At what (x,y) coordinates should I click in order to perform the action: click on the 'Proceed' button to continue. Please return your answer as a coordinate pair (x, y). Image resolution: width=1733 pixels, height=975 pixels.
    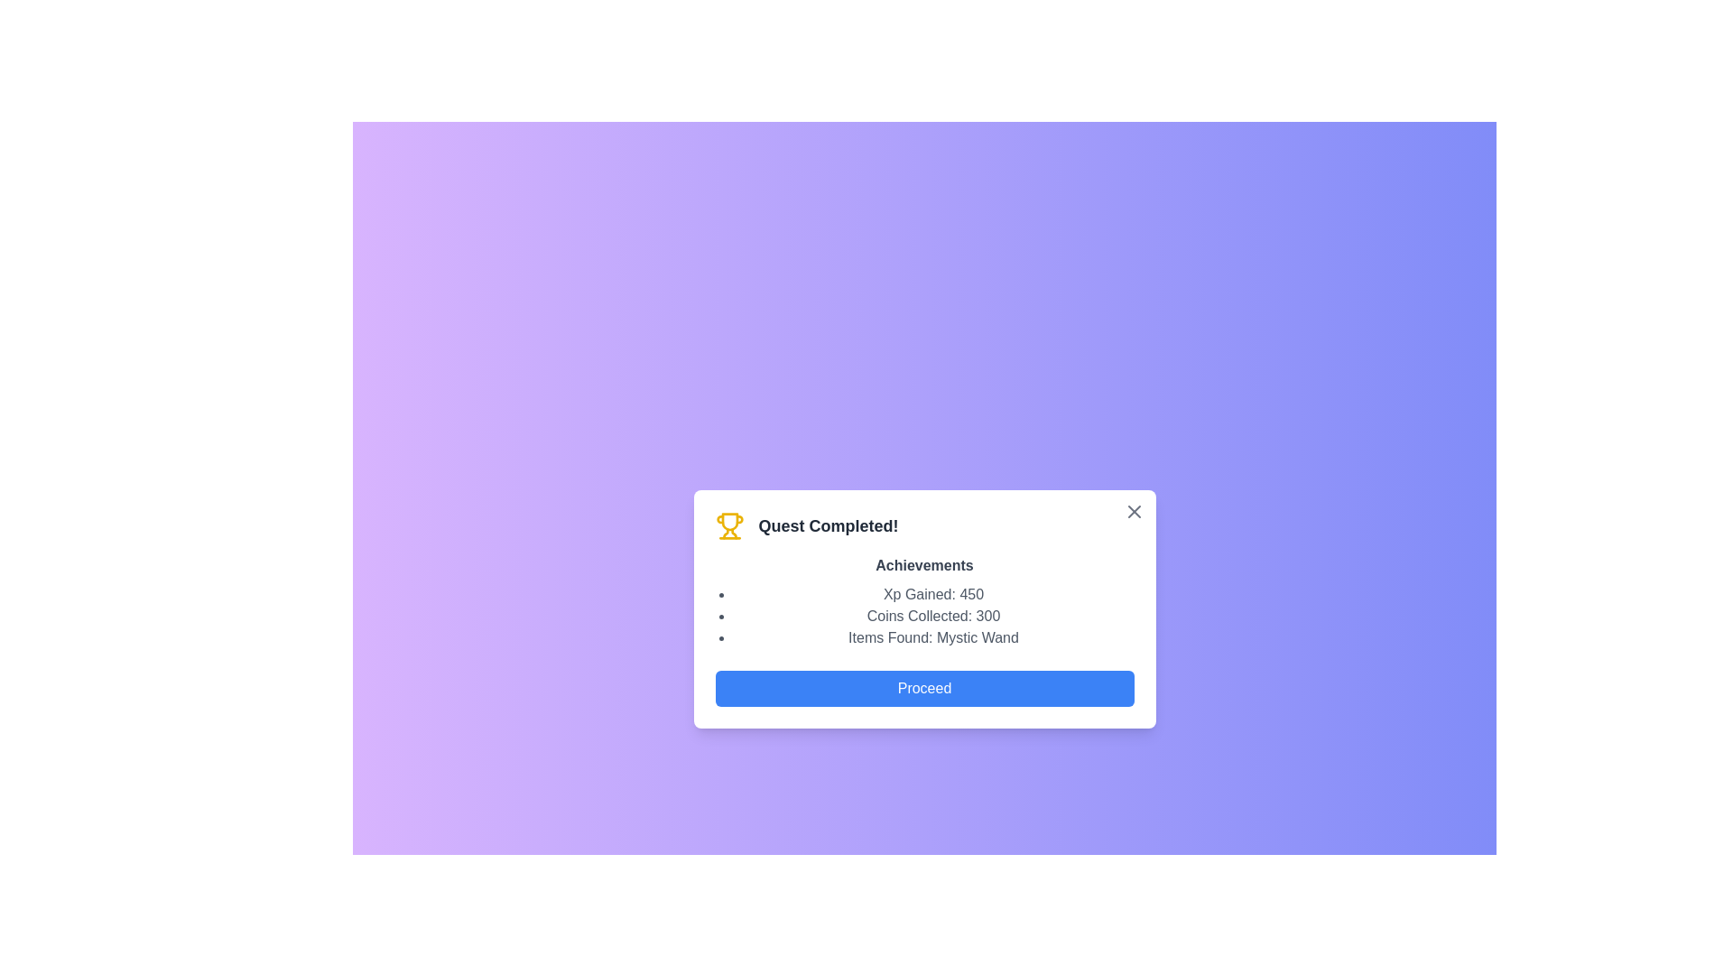
    Looking at the image, I should click on (924, 689).